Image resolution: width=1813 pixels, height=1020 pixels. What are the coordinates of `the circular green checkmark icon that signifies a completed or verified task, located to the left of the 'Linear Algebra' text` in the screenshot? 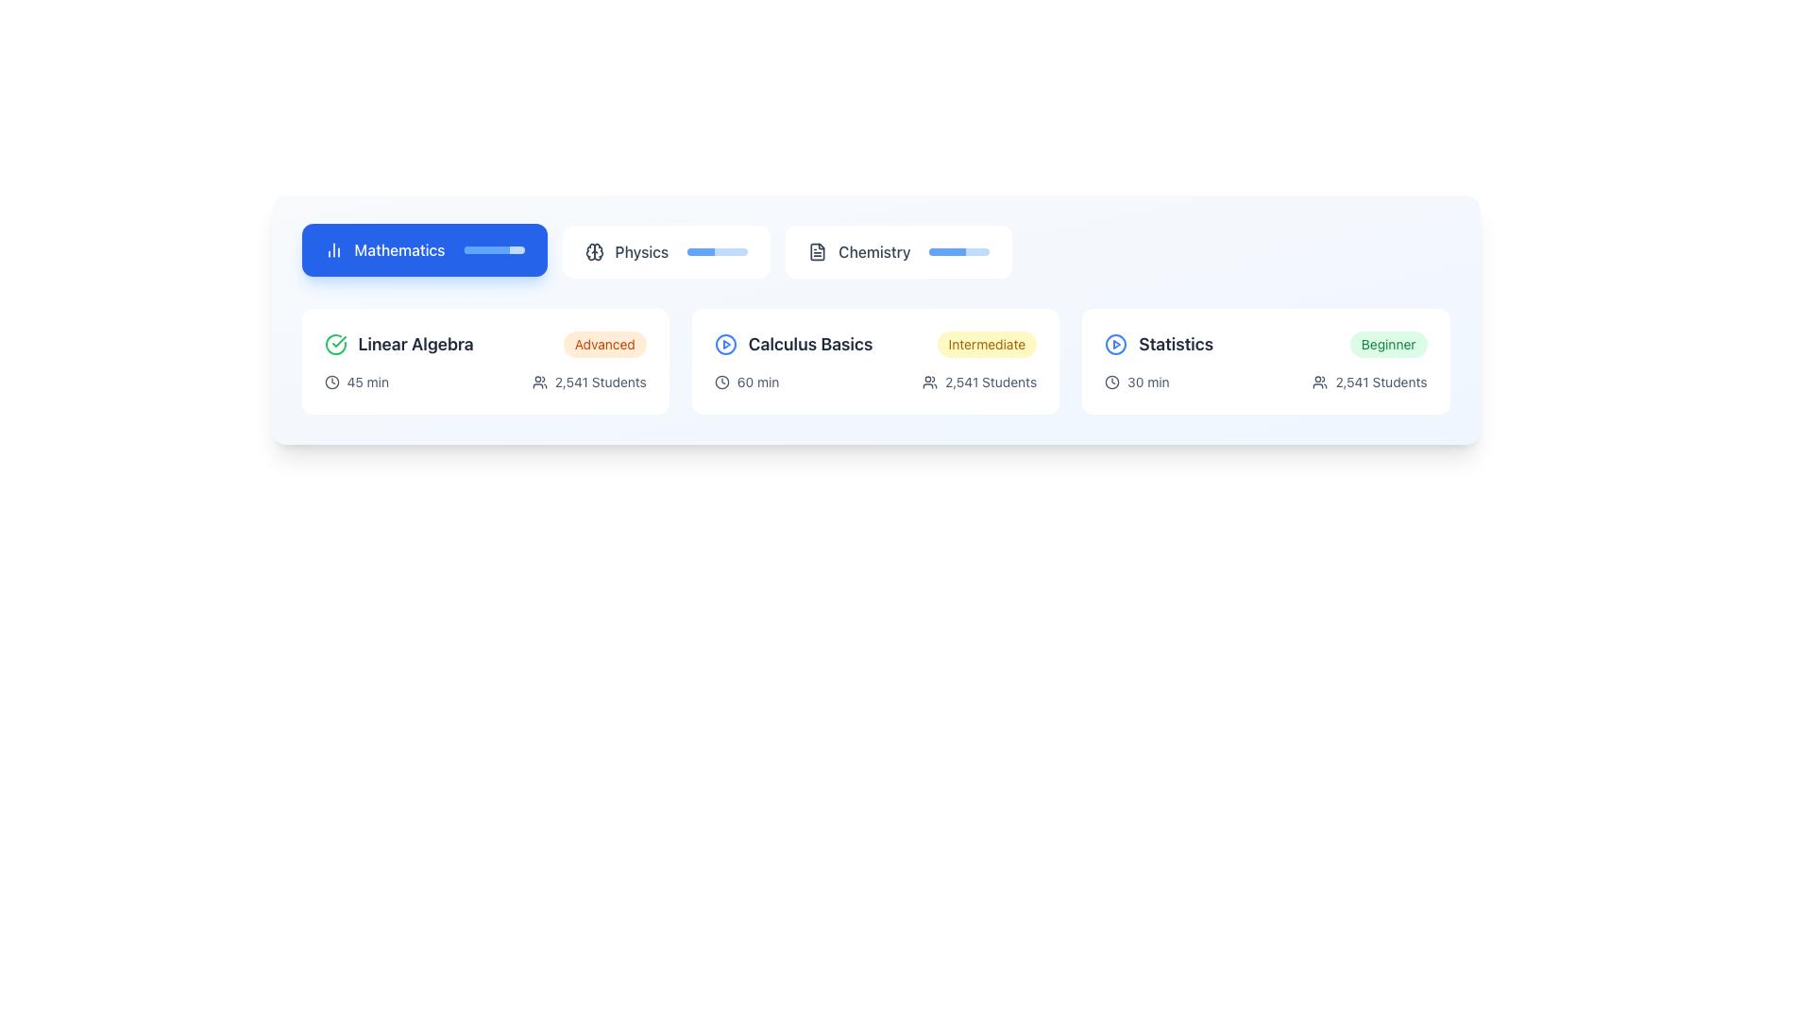 It's located at (335, 345).